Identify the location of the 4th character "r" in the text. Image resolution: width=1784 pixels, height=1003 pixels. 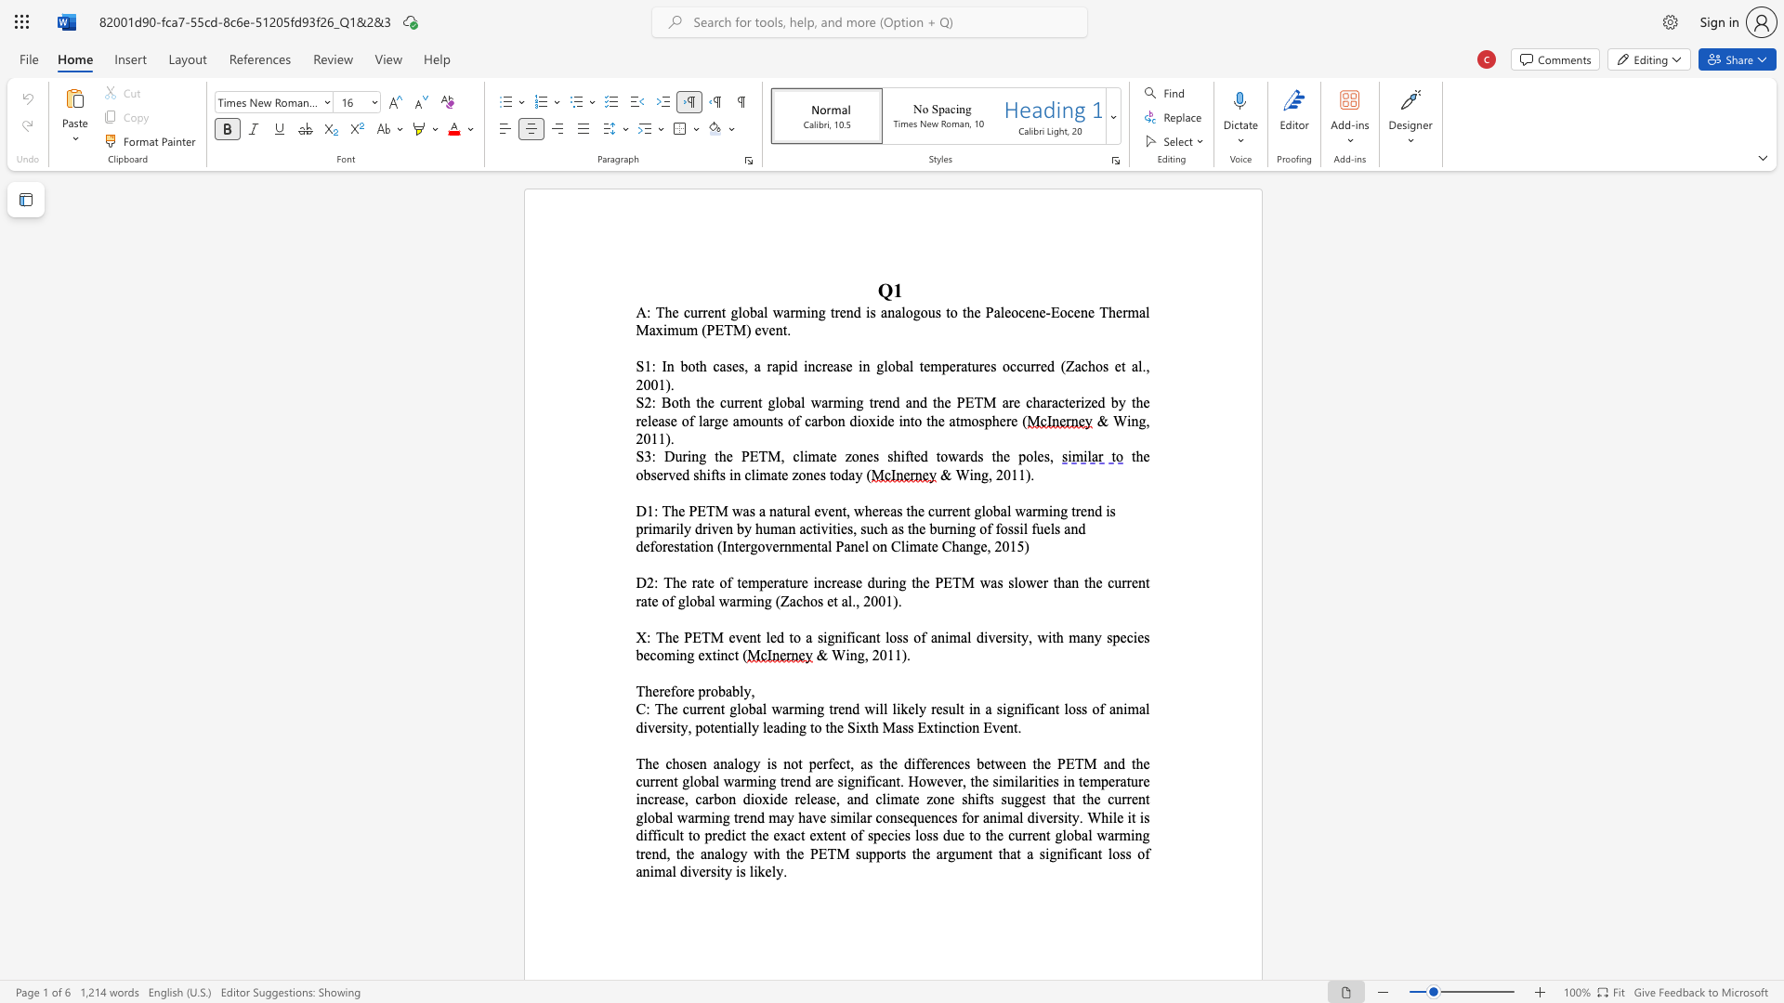
(874, 401).